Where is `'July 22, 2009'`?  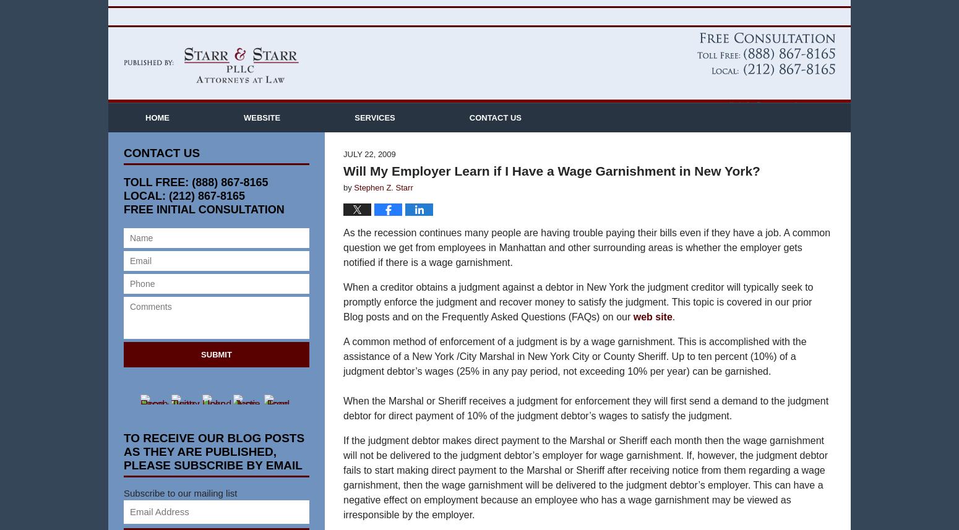
'July 22, 2009' is located at coordinates (369, 173).